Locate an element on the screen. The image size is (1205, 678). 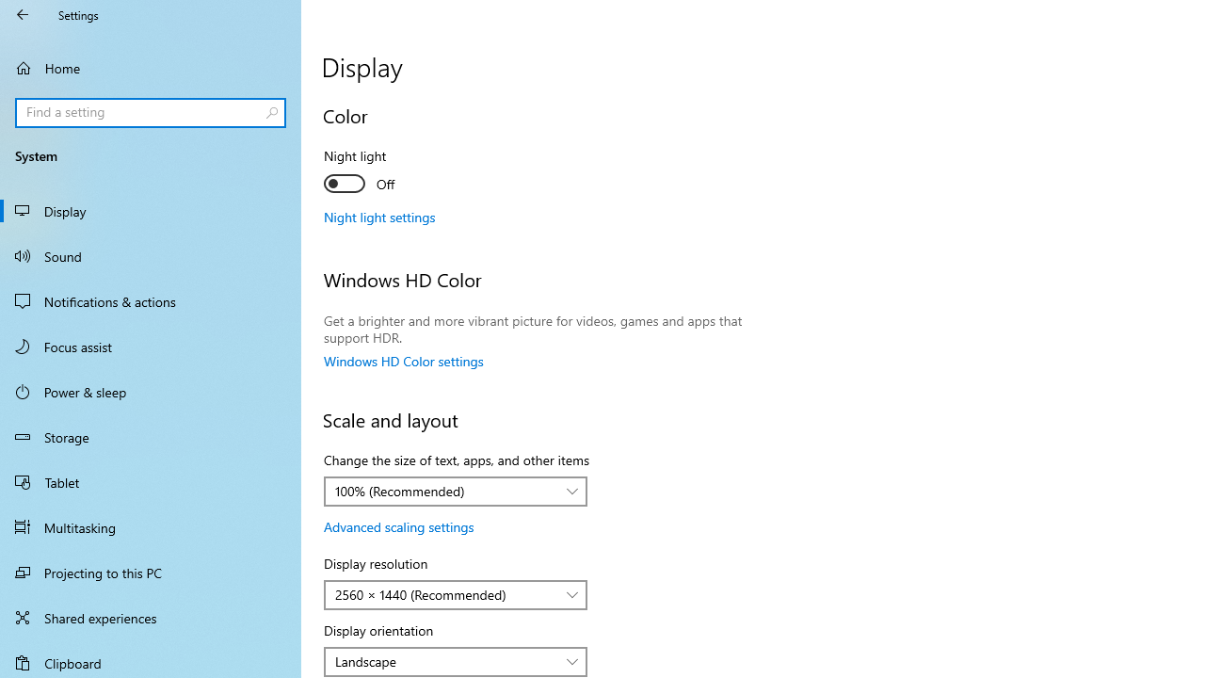
'Windows HD Color settings' is located at coordinates (403, 361).